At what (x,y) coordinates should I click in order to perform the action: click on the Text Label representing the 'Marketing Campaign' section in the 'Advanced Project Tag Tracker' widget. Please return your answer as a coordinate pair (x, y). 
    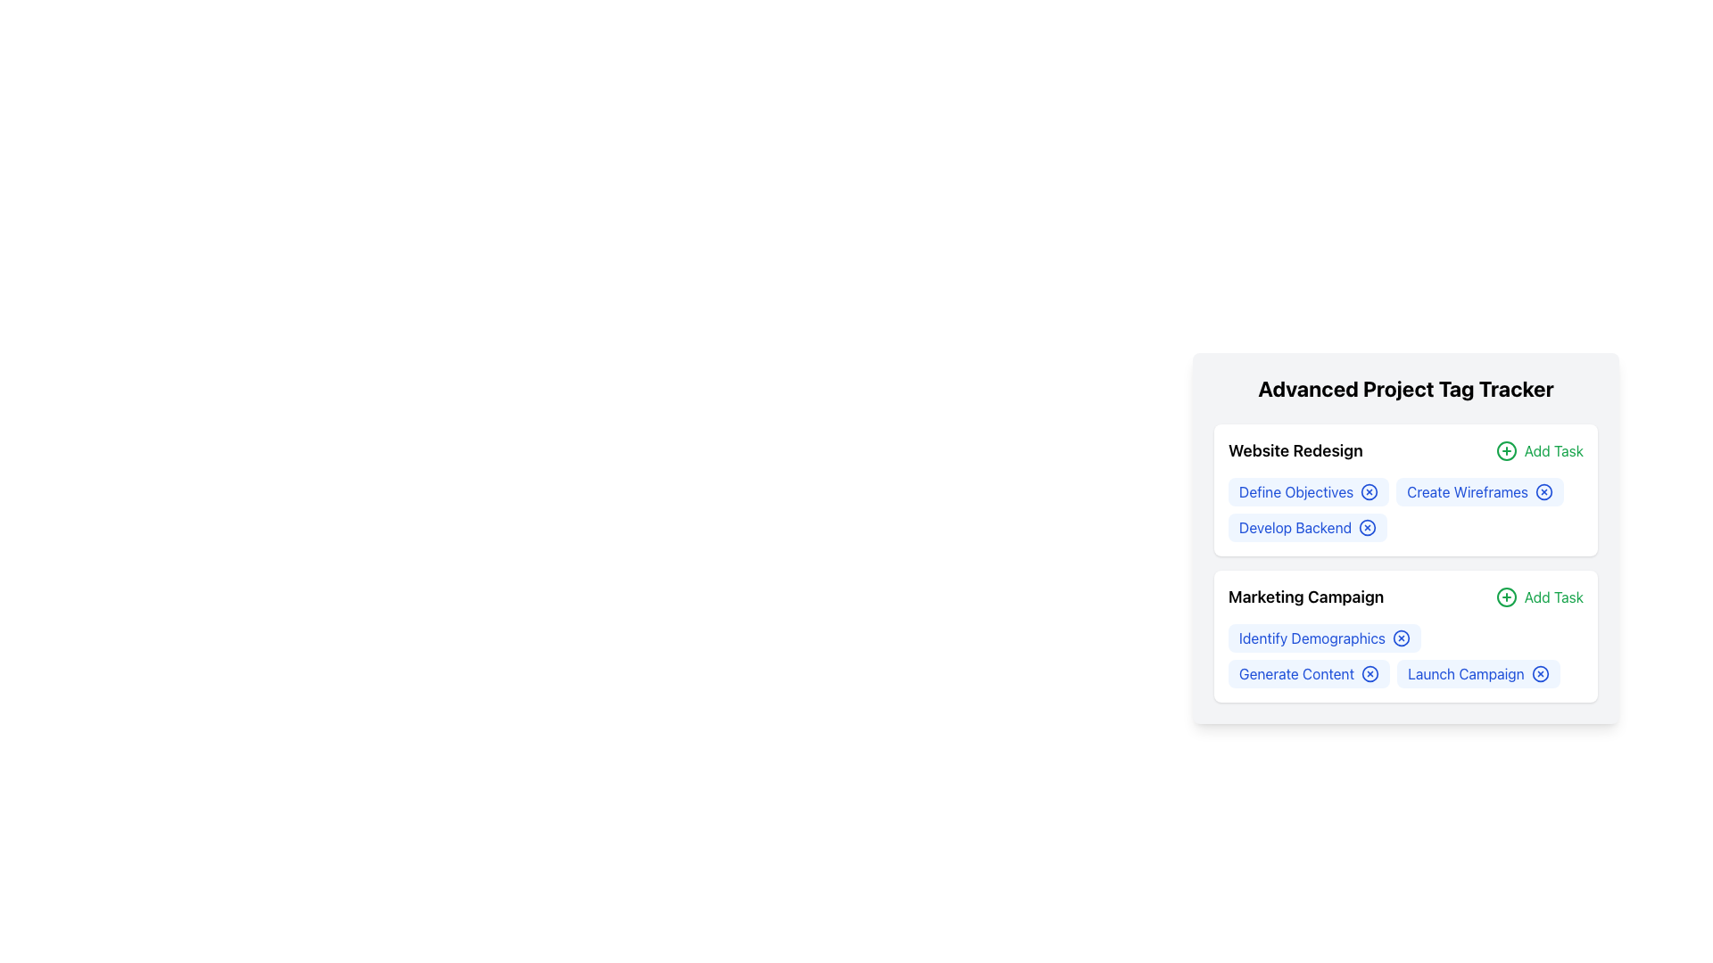
    Looking at the image, I should click on (1296, 674).